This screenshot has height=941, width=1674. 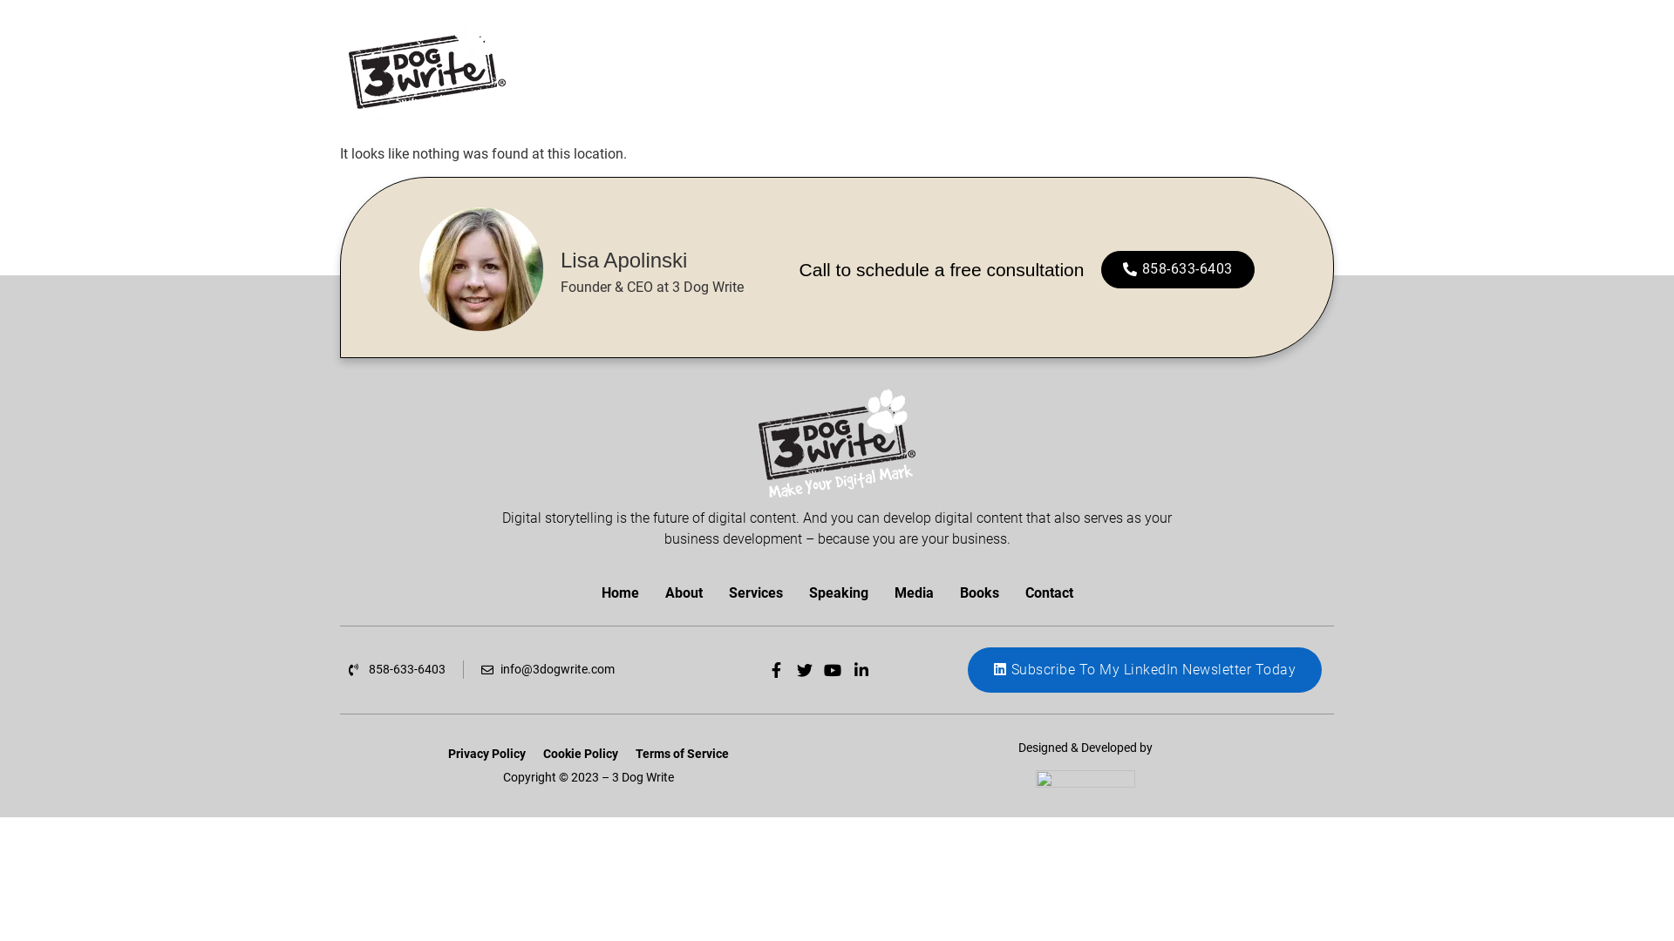 I want to click on 'About', so click(x=683, y=592).